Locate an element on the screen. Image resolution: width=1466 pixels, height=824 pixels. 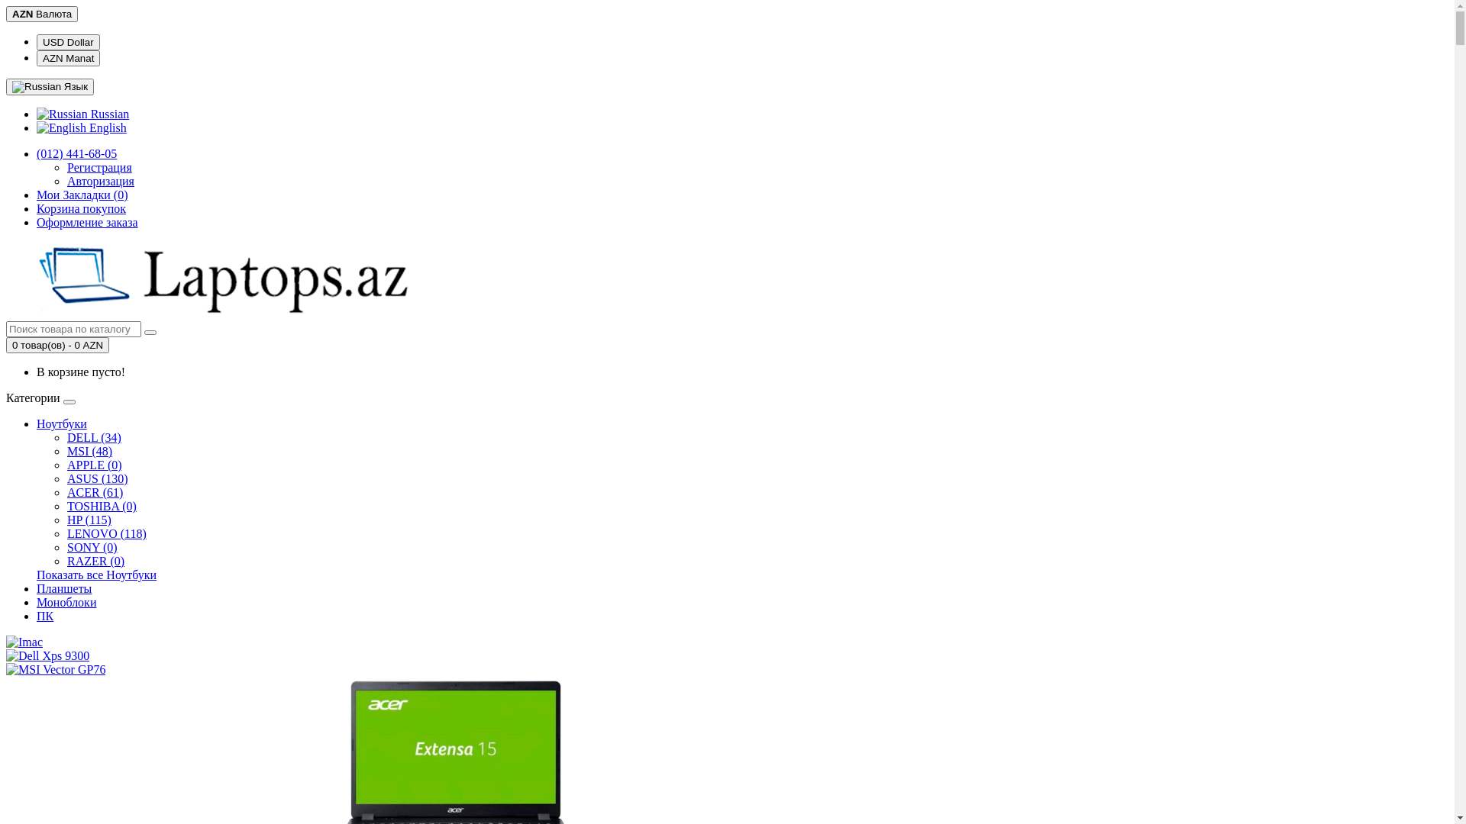
'Russian' is located at coordinates (82, 113).